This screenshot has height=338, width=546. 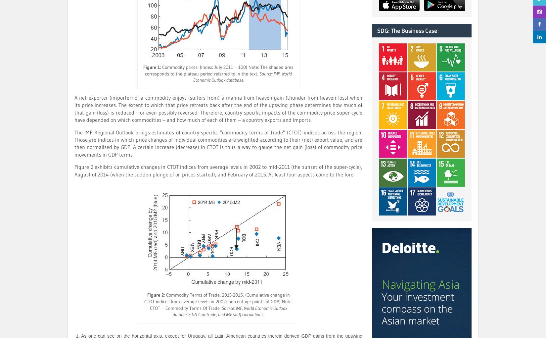 I want to click on 'Commodity prices. (Index: July 2011 = 100) Note: The shaded area corresponds to the plateau period referred to in the text.', so click(x=219, y=70).